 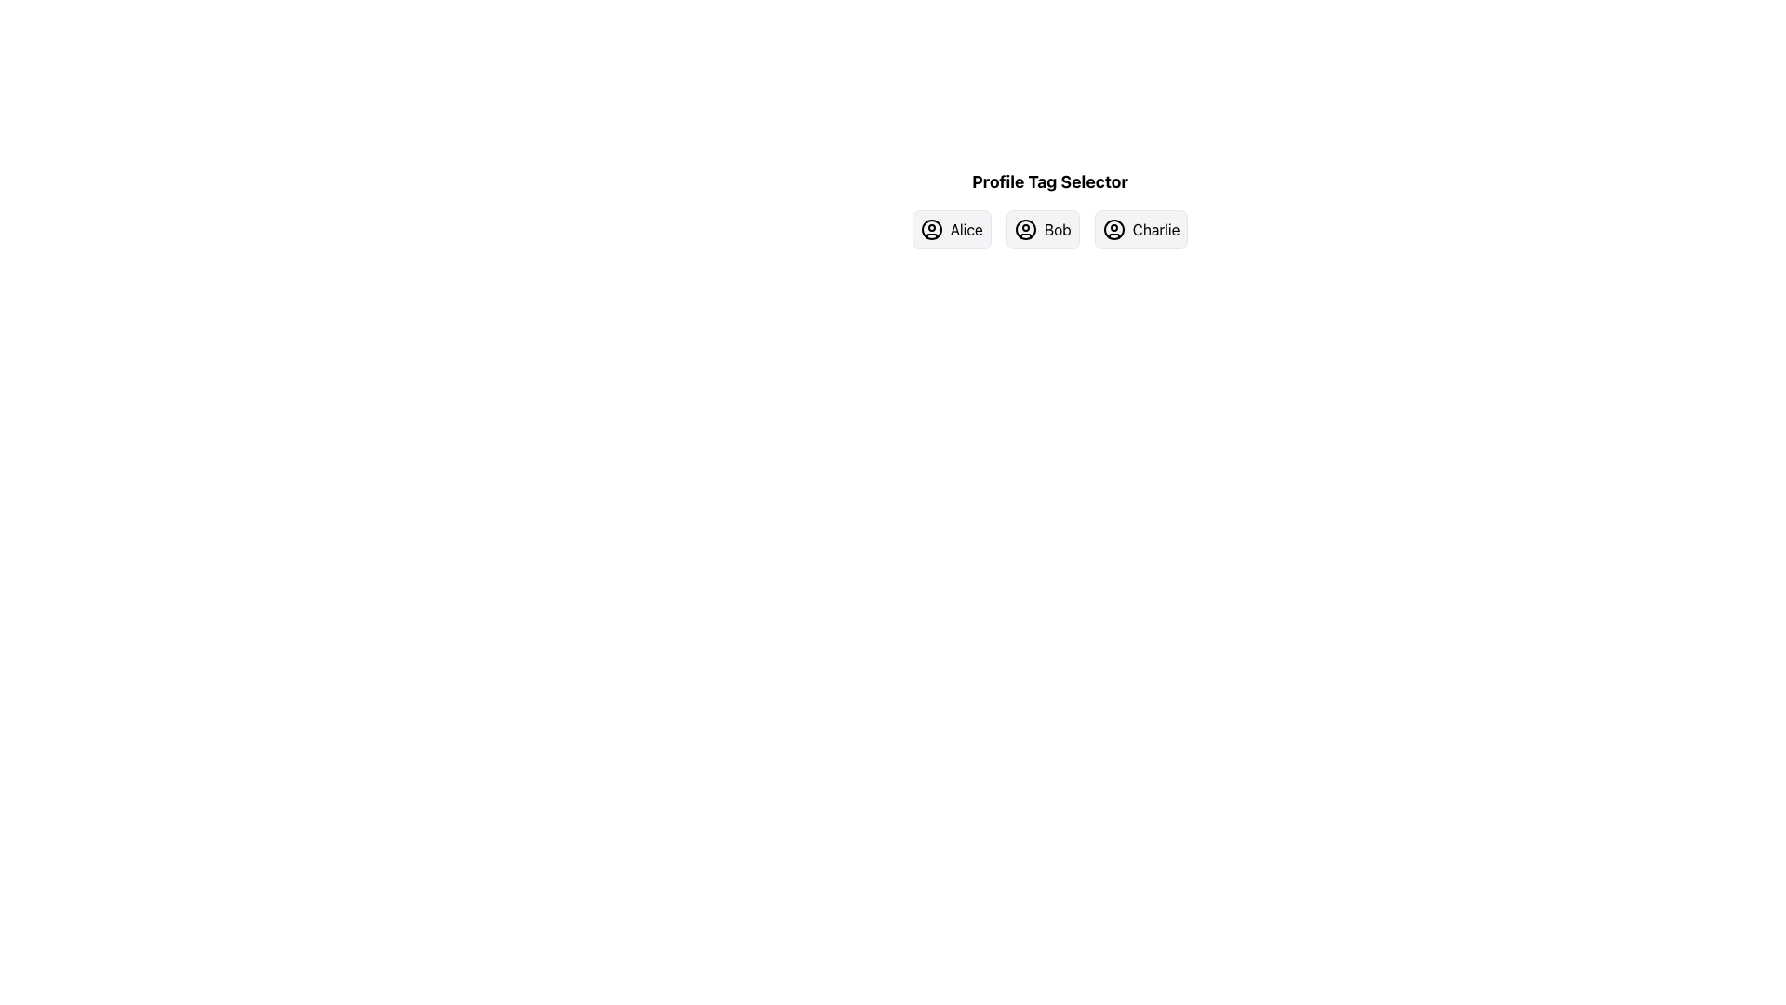 I want to click on the button labeled 'Charlie', which features a user icon and is the third button in a horizontal list of three buttons, so click(x=1140, y=228).